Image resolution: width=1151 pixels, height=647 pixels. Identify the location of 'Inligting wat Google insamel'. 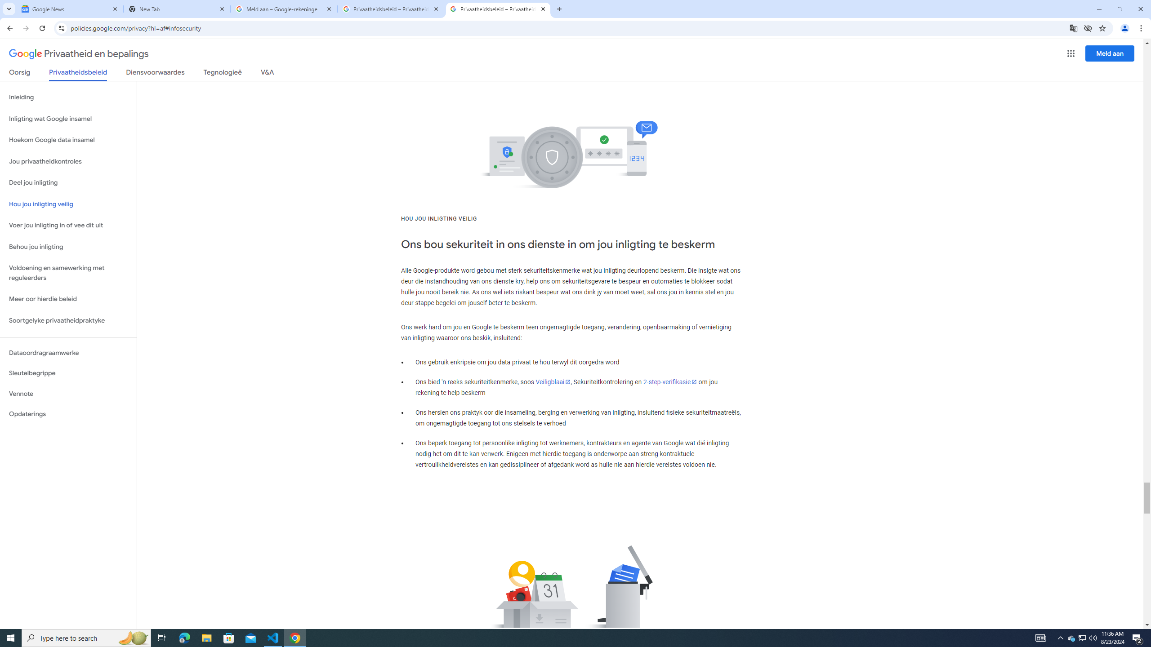
(68, 119).